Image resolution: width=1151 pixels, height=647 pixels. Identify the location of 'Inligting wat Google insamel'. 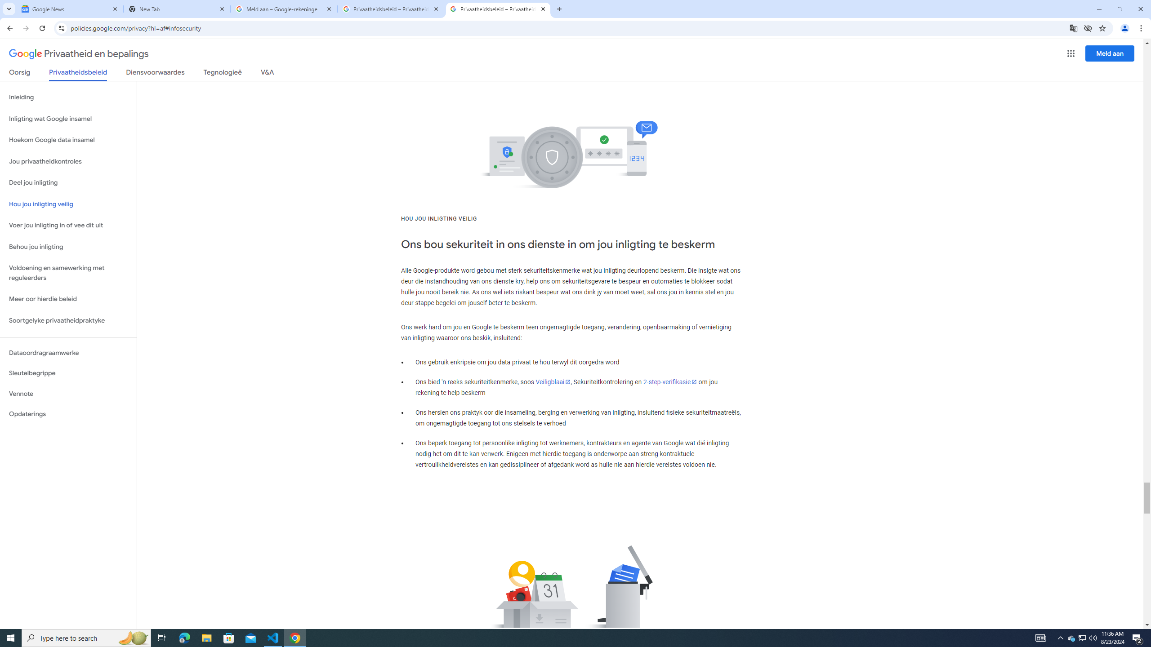
(68, 119).